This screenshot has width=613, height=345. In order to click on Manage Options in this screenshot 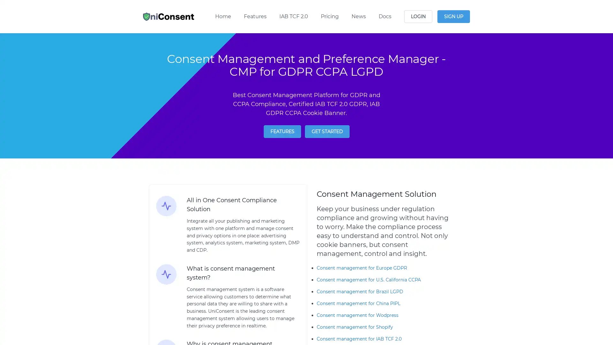, I will do `click(37, 333)`.